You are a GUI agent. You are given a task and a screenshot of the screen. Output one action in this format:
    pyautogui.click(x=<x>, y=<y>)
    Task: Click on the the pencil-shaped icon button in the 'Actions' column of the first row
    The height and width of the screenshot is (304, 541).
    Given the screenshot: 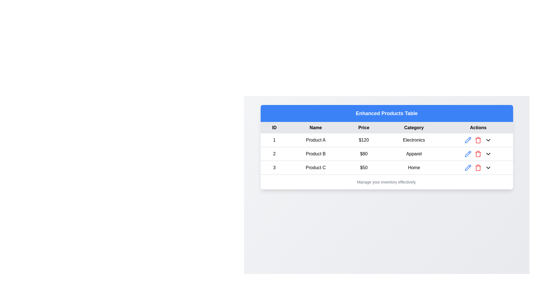 What is the action you would take?
    pyautogui.click(x=468, y=140)
    